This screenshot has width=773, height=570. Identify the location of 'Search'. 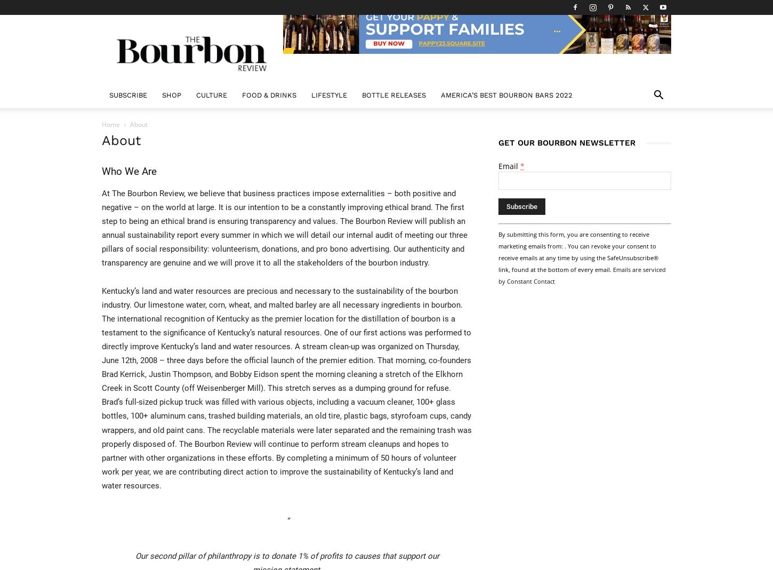
(385, 53).